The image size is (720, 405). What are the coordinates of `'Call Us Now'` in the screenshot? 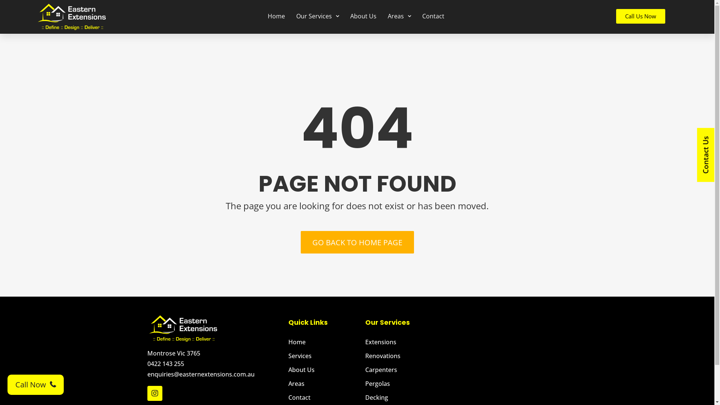 It's located at (640, 16).